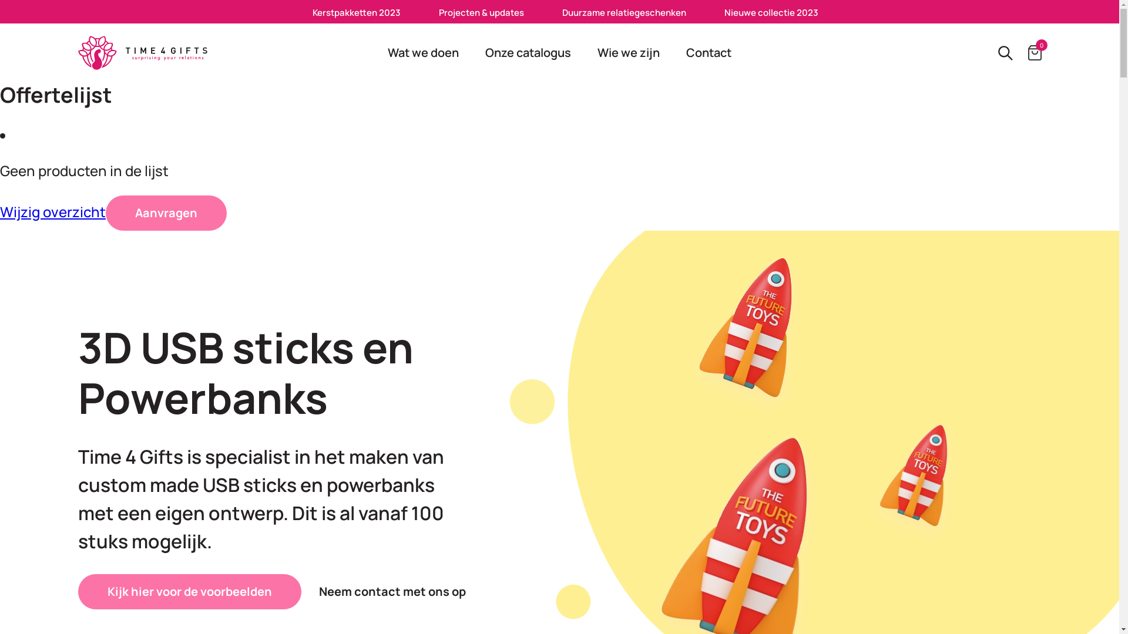 The height and width of the screenshot is (634, 1128). I want to click on 'Nieuwe collectie 2023', so click(724, 12).